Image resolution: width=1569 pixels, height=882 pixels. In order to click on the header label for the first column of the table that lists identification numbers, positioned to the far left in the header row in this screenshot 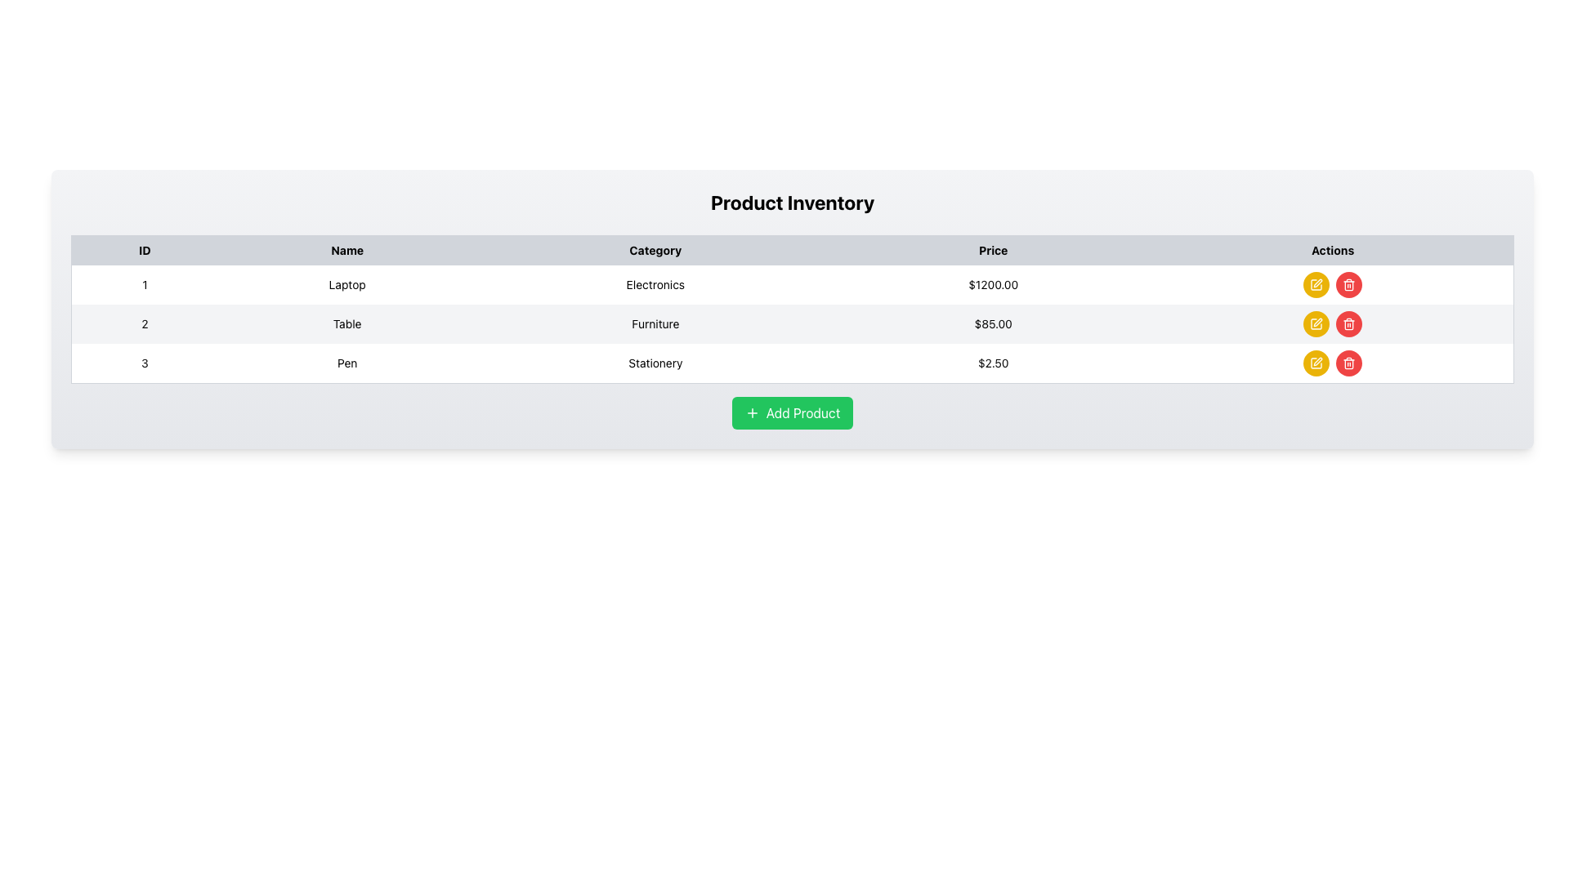, I will do `click(145, 250)`.